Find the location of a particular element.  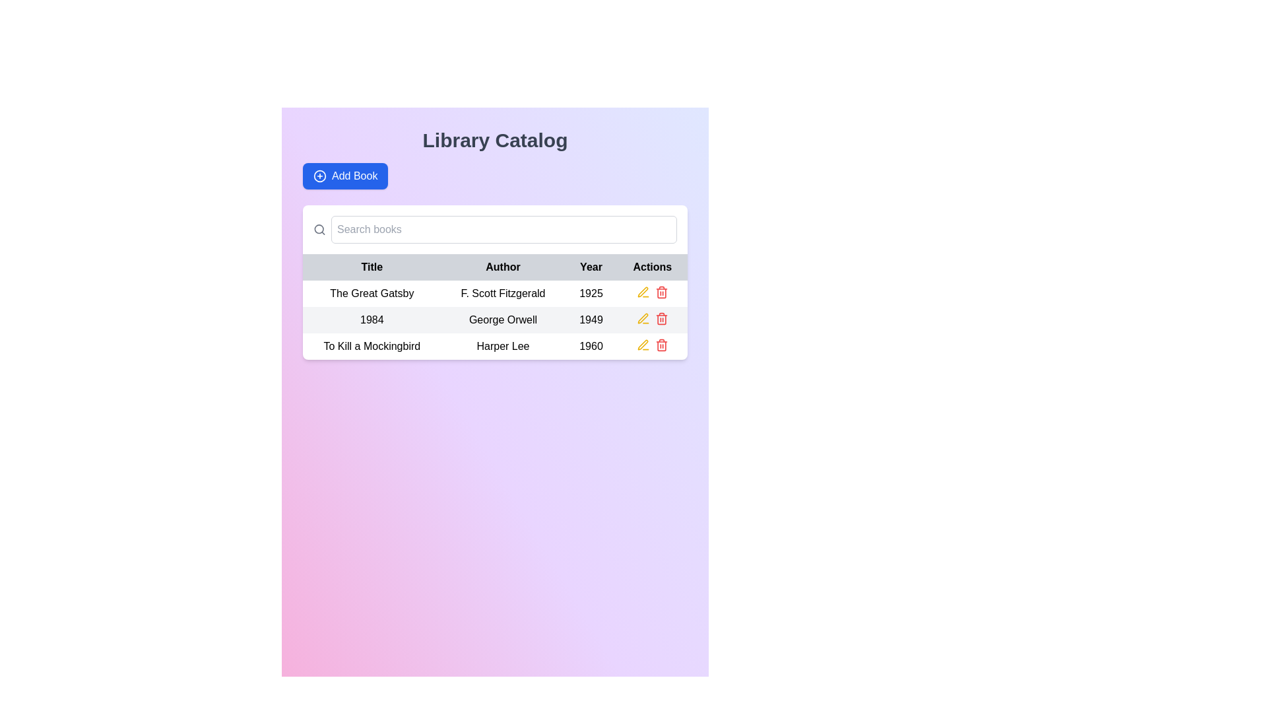

the non-interactive text label displaying the title of a book in the library catalog, located in the third row under the 'Title' column is located at coordinates (371, 345).